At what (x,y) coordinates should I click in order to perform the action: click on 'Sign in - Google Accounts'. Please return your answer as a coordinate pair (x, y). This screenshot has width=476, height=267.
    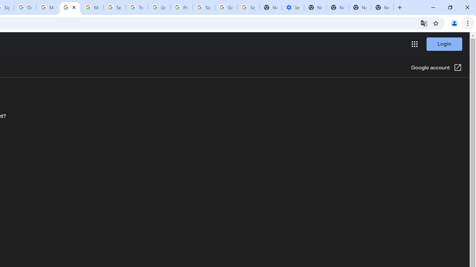
    Looking at the image, I should click on (204, 7).